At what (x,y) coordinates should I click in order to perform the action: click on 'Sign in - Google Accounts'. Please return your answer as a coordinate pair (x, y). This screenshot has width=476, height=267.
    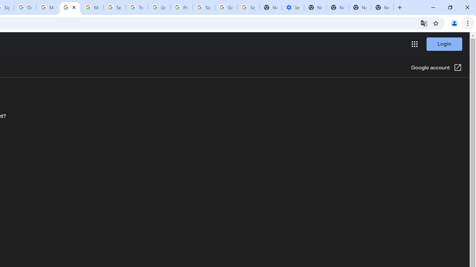
    Looking at the image, I should click on (204, 7).